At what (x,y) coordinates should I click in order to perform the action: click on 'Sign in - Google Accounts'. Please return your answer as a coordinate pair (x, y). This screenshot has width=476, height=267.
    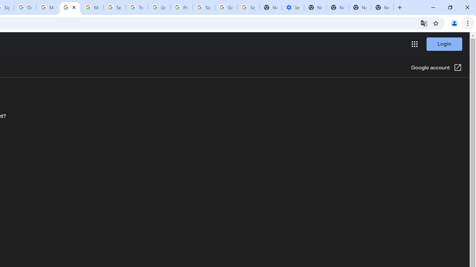
    Looking at the image, I should click on (204, 7).